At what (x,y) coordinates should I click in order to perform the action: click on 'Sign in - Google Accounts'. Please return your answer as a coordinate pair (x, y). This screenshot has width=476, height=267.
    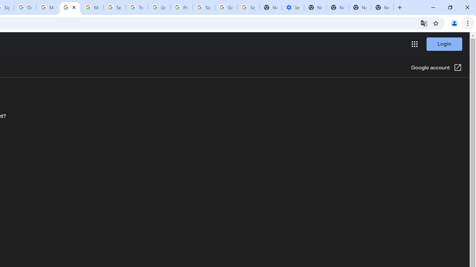
    Looking at the image, I should click on (204, 7).